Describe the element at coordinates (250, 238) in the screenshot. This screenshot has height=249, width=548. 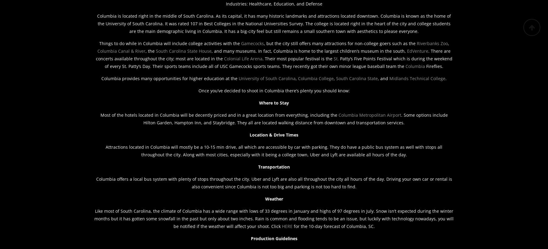
I see `'Production Guidelines'` at that location.